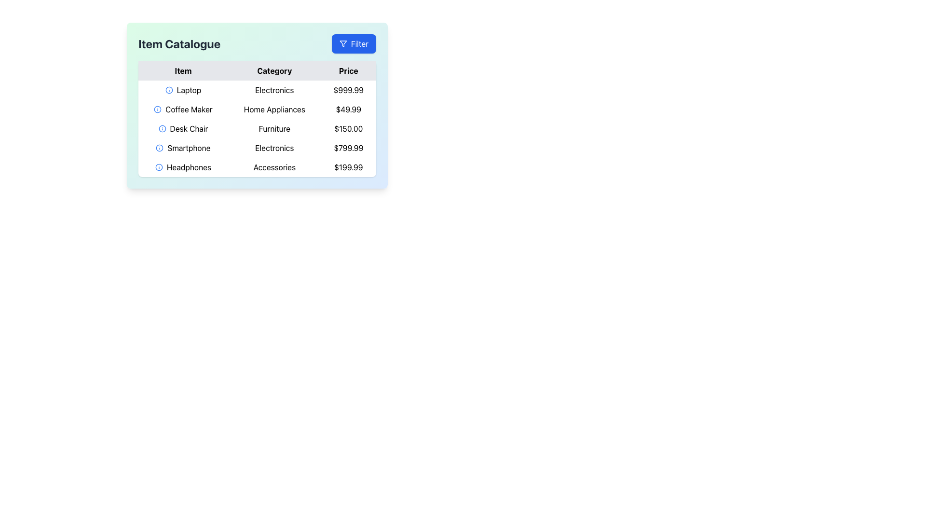 The width and height of the screenshot is (926, 521). I want to click on the information or help icon located to the left of the 'Smartphone' text in the 'Item' column of the table to obtain additional details about the 'Smartphone', so click(160, 148).